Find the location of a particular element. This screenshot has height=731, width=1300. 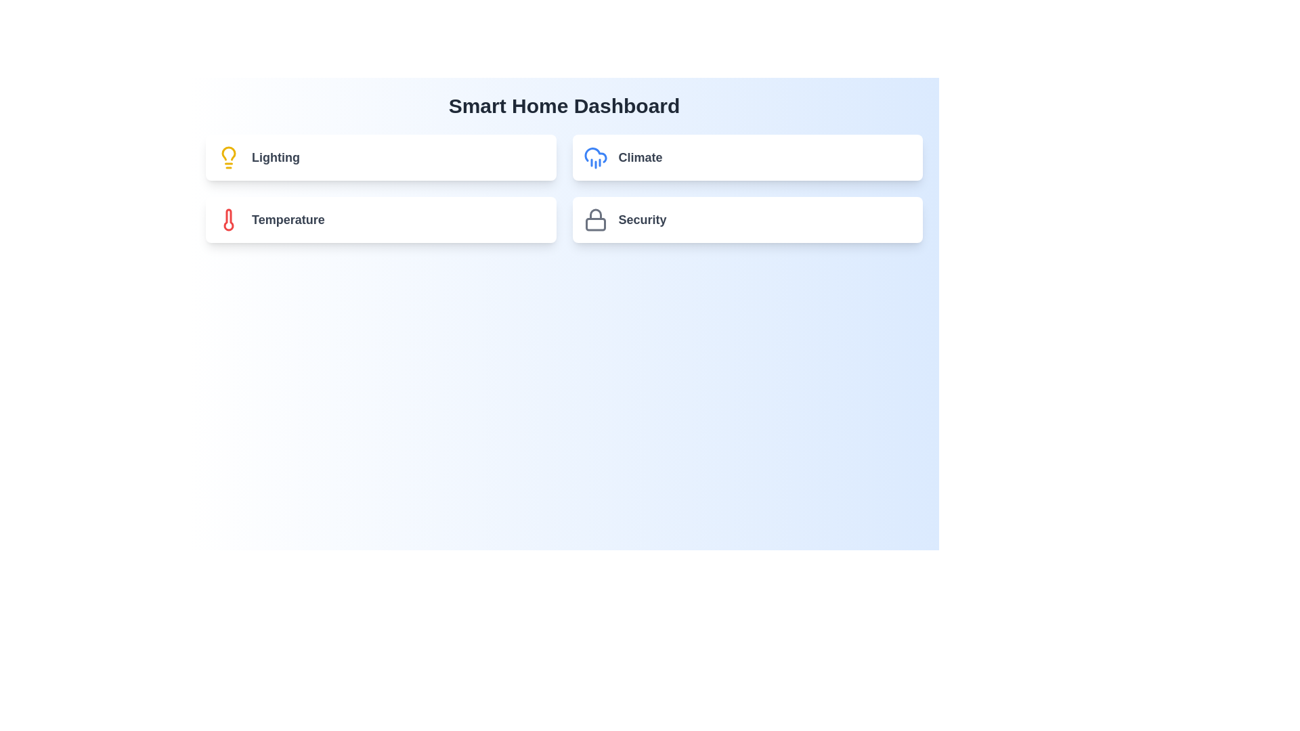

the lock icon in the Security card located at the bottom-right of the dashboard is located at coordinates (595, 219).